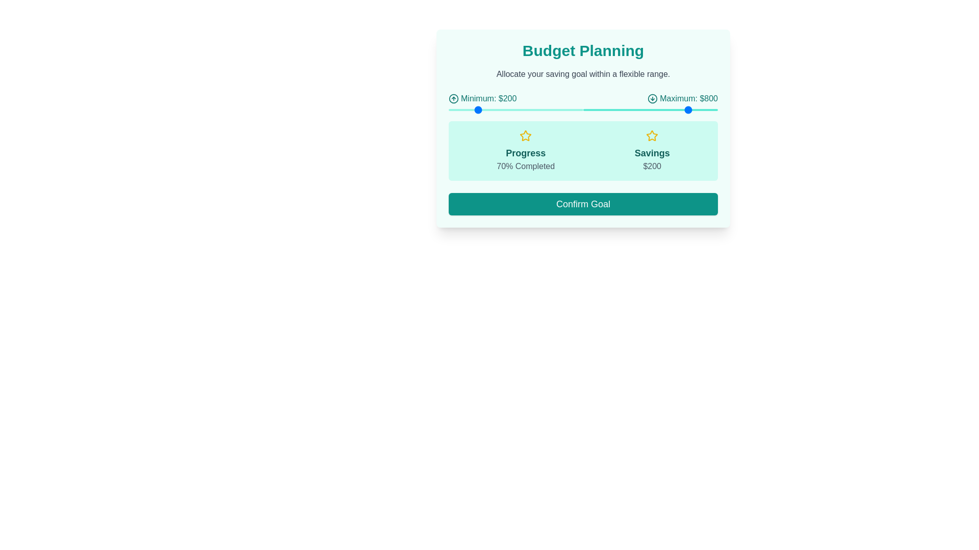 This screenshot has width=979, height=550. I want to click on the SVG circle element that is part of a composite icon, positioned near the right-hand side of the interface, adjacent to the 'Maximum: $800' label, so click(453, 98).